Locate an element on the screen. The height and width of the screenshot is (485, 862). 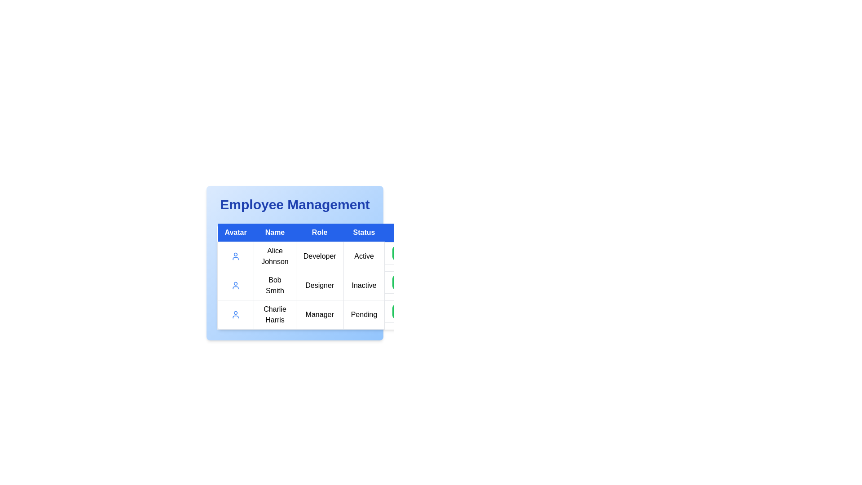
the text label displaying the name 'Alice Johnson' in the Employee Management table, located in the second column of the row is located at coordinates (274, 256).